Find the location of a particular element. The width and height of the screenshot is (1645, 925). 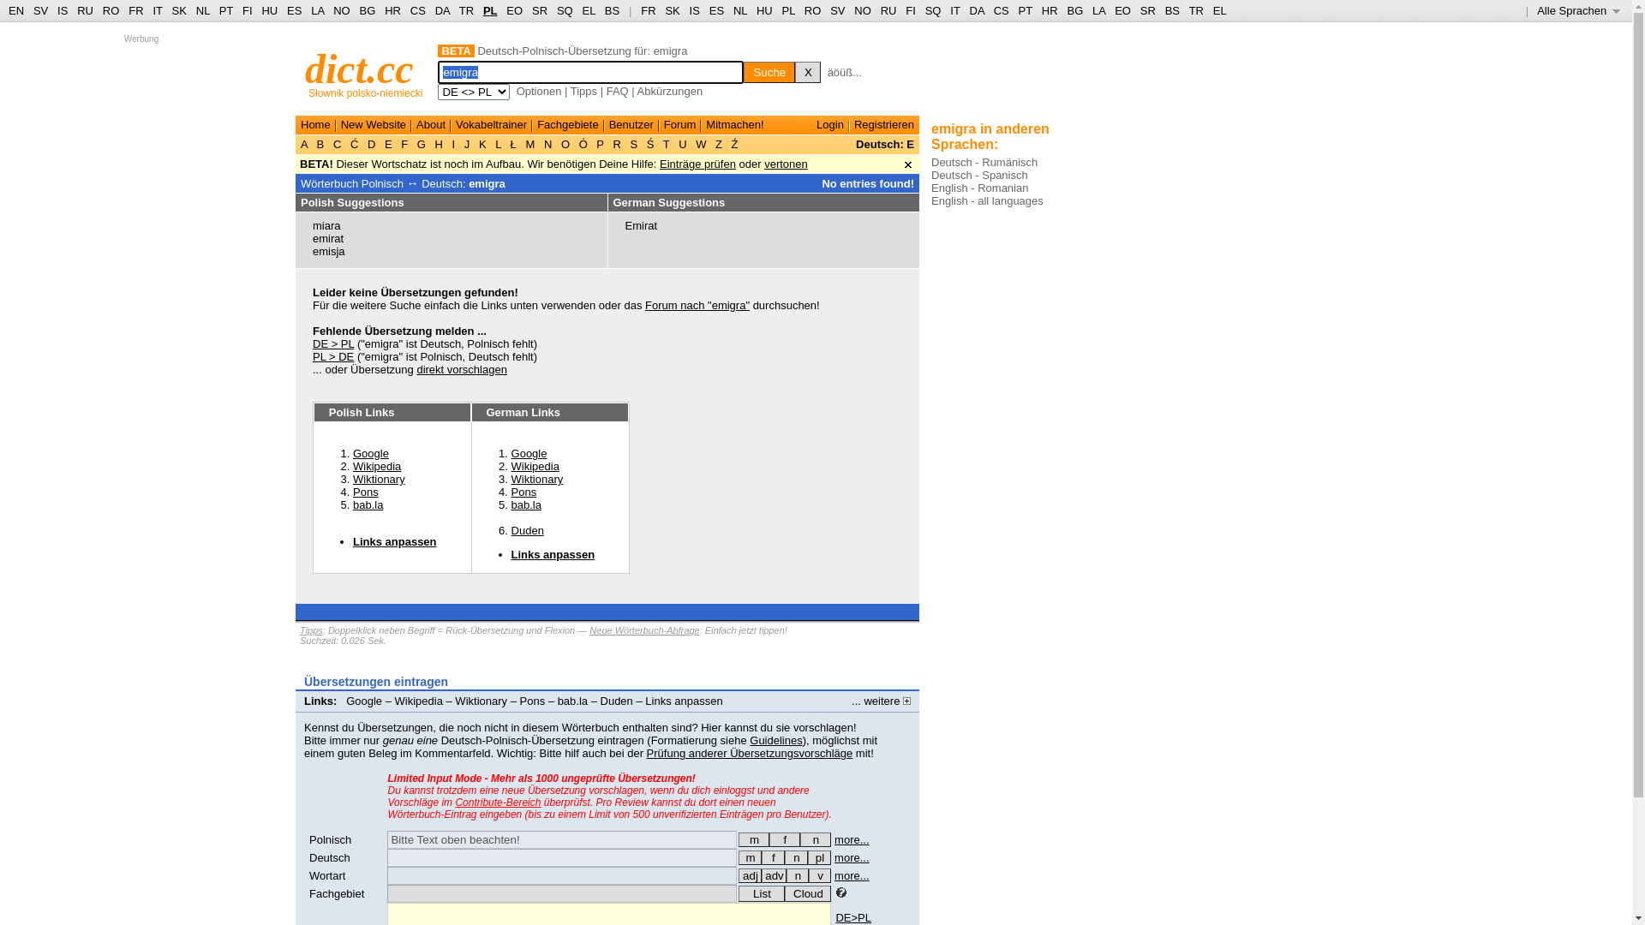

'adv' is located at coordinates (773, 875).